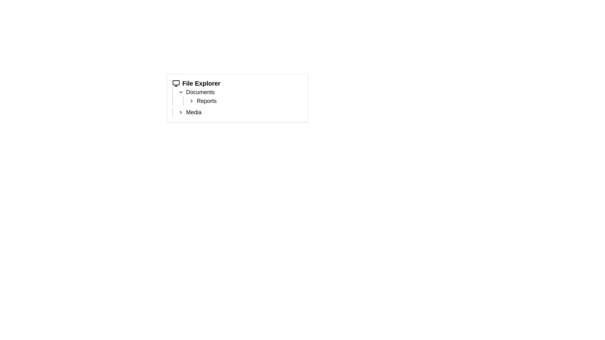 This screenshot has height=340, width=605. I want to click on the 'Reports' navigational button located in the 'File Explorer' section, so click(245, 100).